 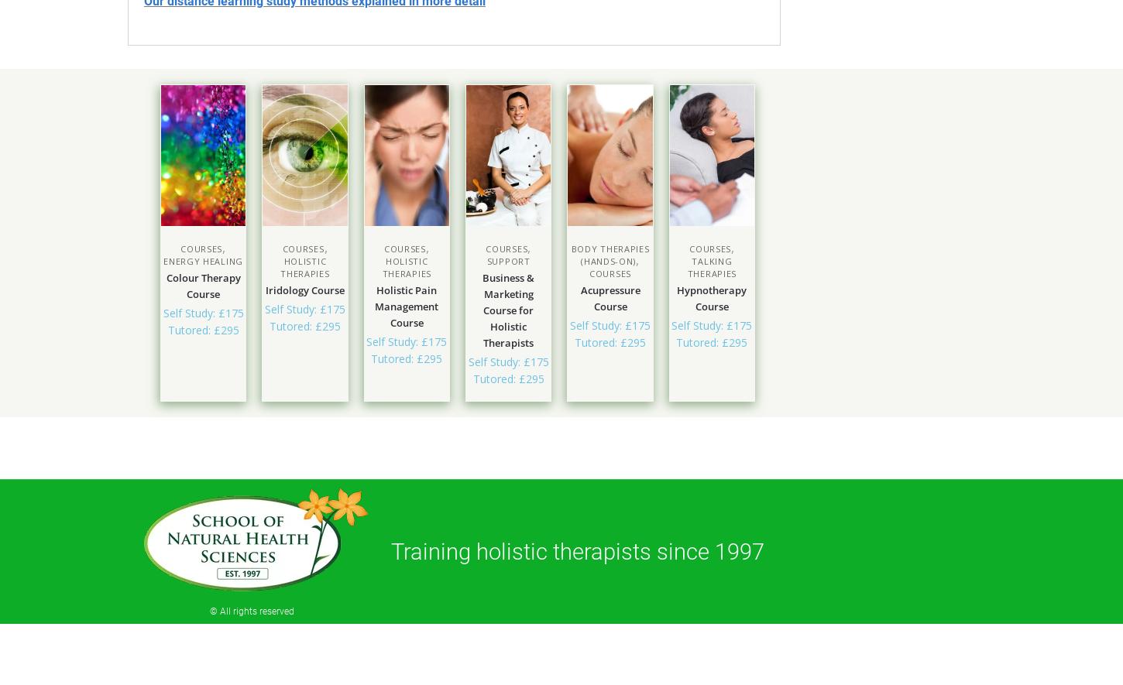 What do you see at coordinates (578, 550) in the screenshot?
I see `'Training holistic therapists since 1997'` at bounding box center [578, 550].